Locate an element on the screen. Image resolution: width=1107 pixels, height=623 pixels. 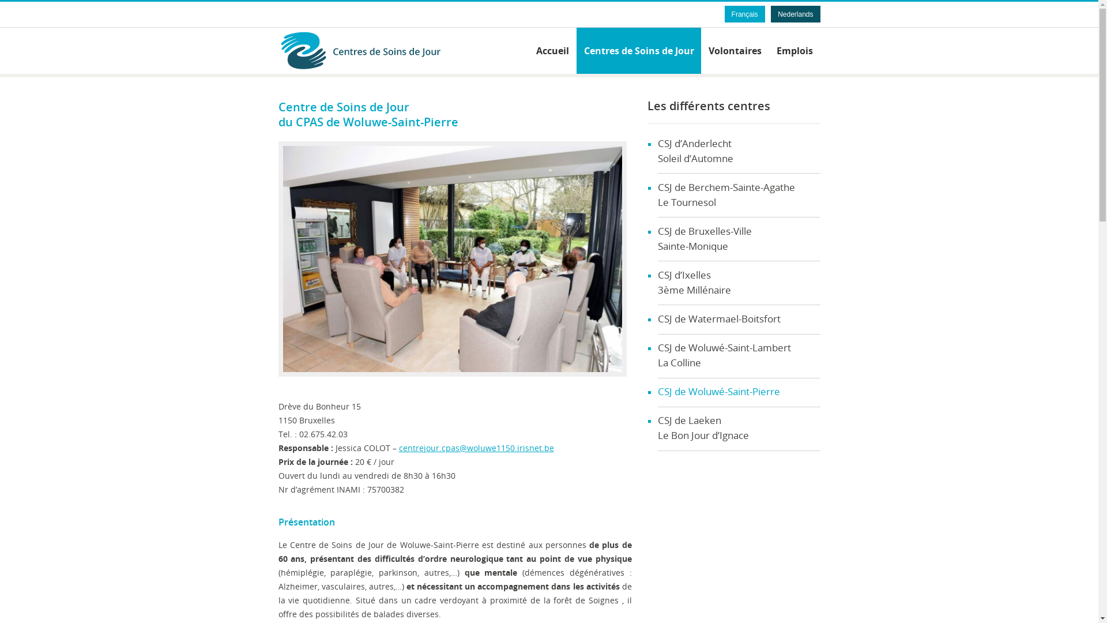
'Centres de Soins de Jour' is located at coordinates (379, 50).